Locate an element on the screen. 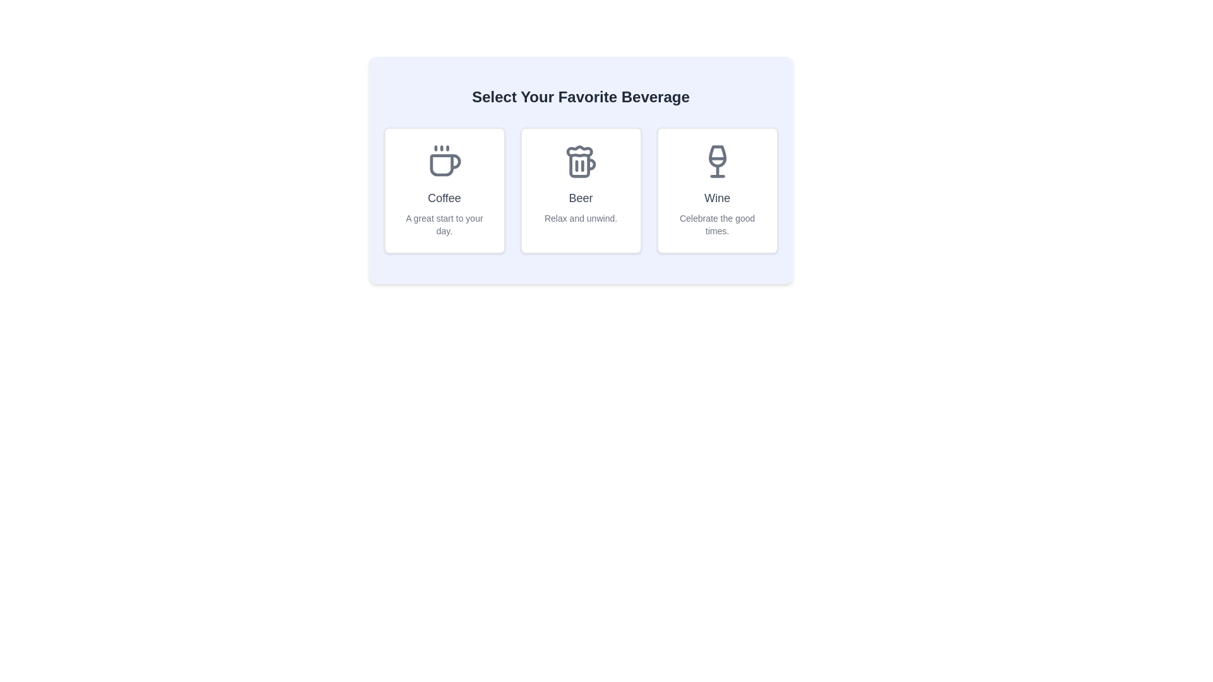  the 'Coffee' label, which is styled with a medium-sized bold gray font and positioned below a coffee icon and above a description text is located at coordinates (444, 198).